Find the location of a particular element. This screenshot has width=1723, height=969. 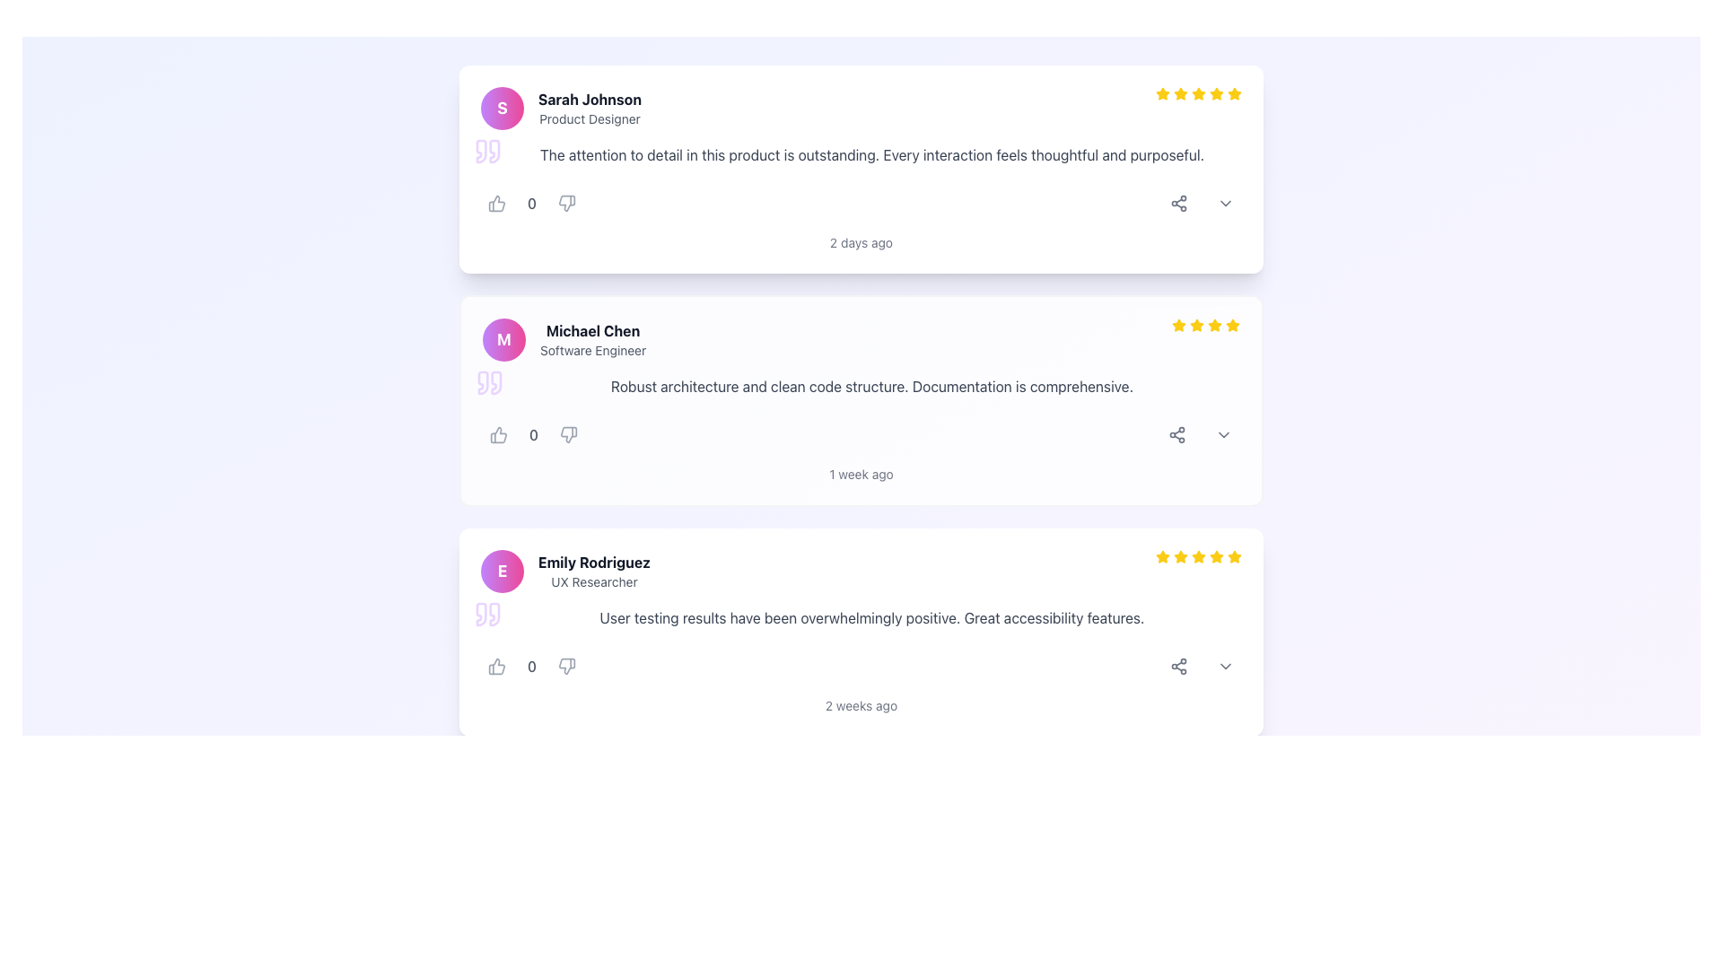

the fifth yellow star-shaped icon used for user ratings located at the top right corner of the review card is located at coordinates (1217, 556).